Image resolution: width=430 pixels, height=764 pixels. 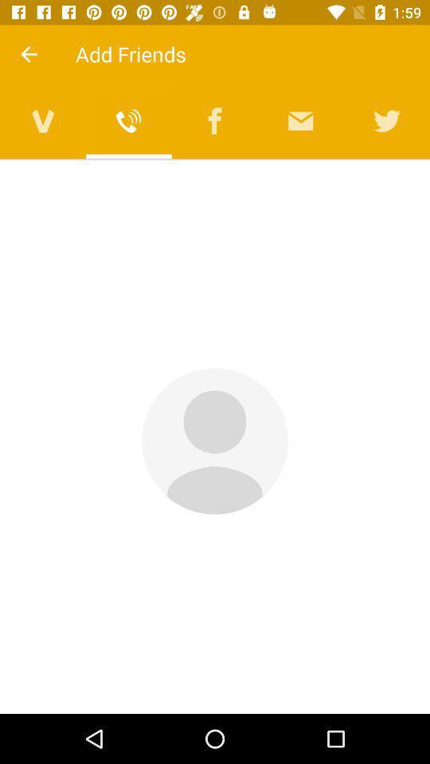 What do you see at coordinates (215, 120) in the screenshot?
I see `the facebook icon` at bounding box center [215, 120].